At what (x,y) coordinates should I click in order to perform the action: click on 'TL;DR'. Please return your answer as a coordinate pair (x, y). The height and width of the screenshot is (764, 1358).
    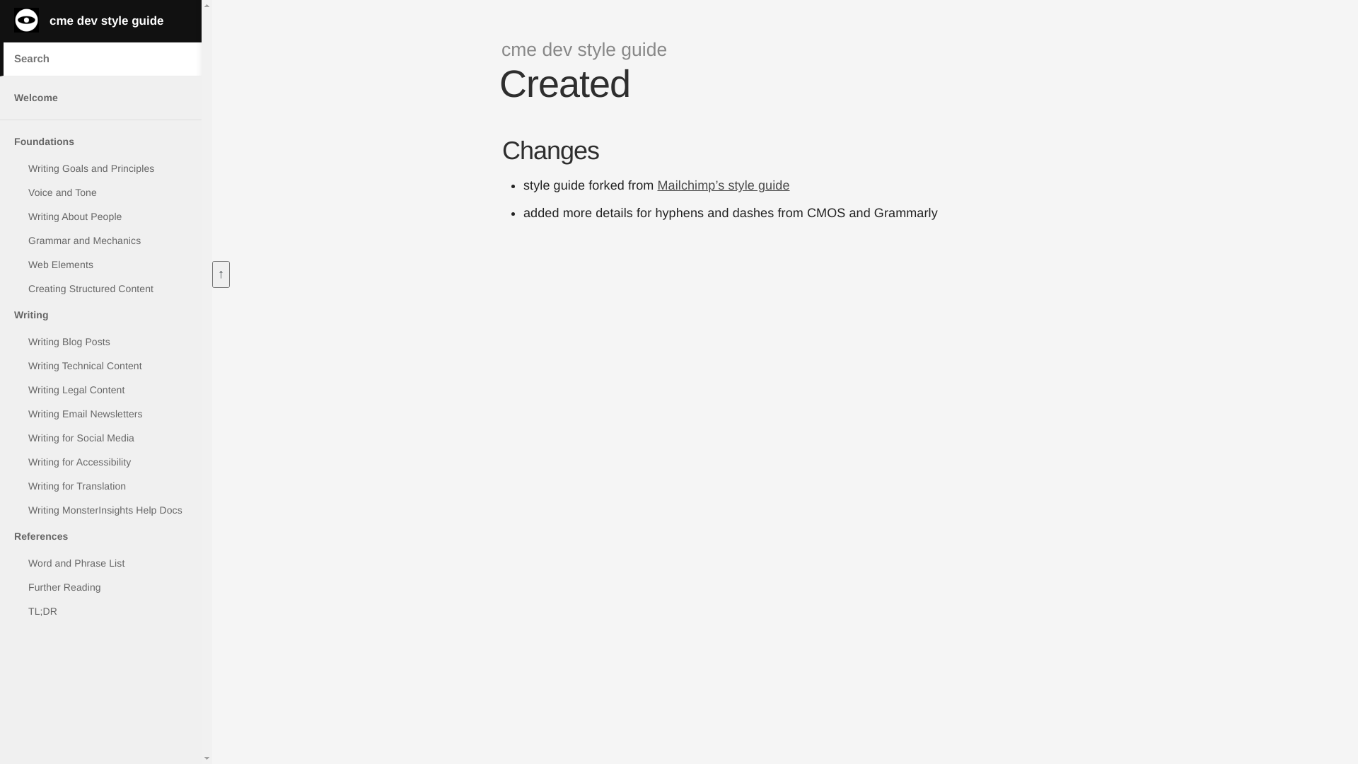
    Looking at the image, I should click on (100, 610).